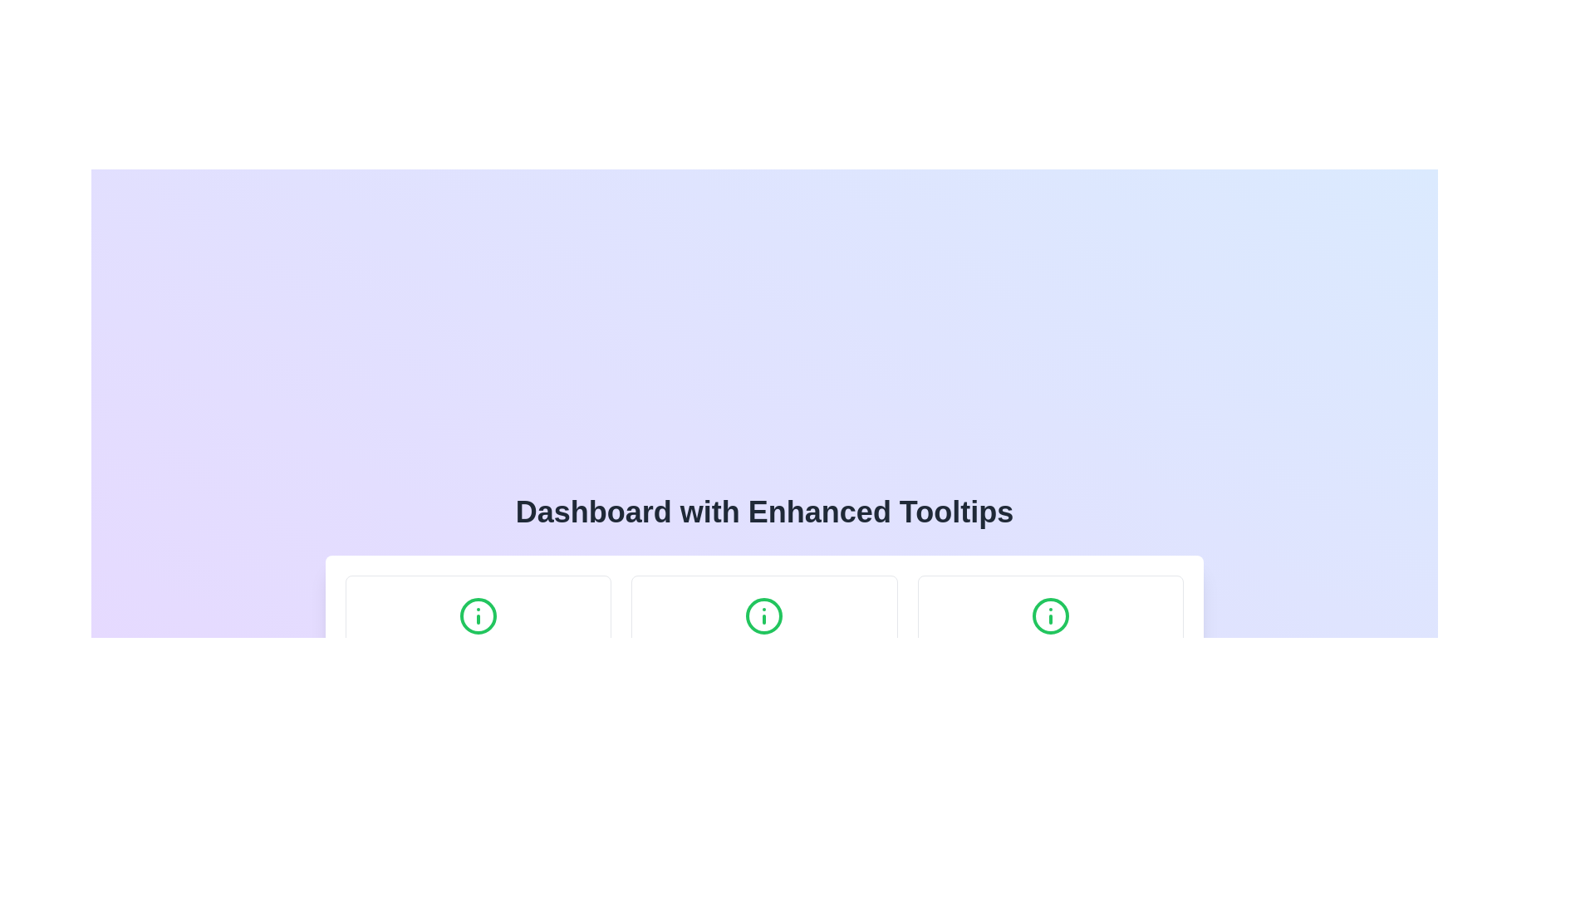 The image size is (1595, 897). What do you see at coordinates (763, 615) in the screenshot?
I see `the green circular information icon with an 'i' symbol, located at the upper center of the Notifications card` at bounding box center [763, 615].